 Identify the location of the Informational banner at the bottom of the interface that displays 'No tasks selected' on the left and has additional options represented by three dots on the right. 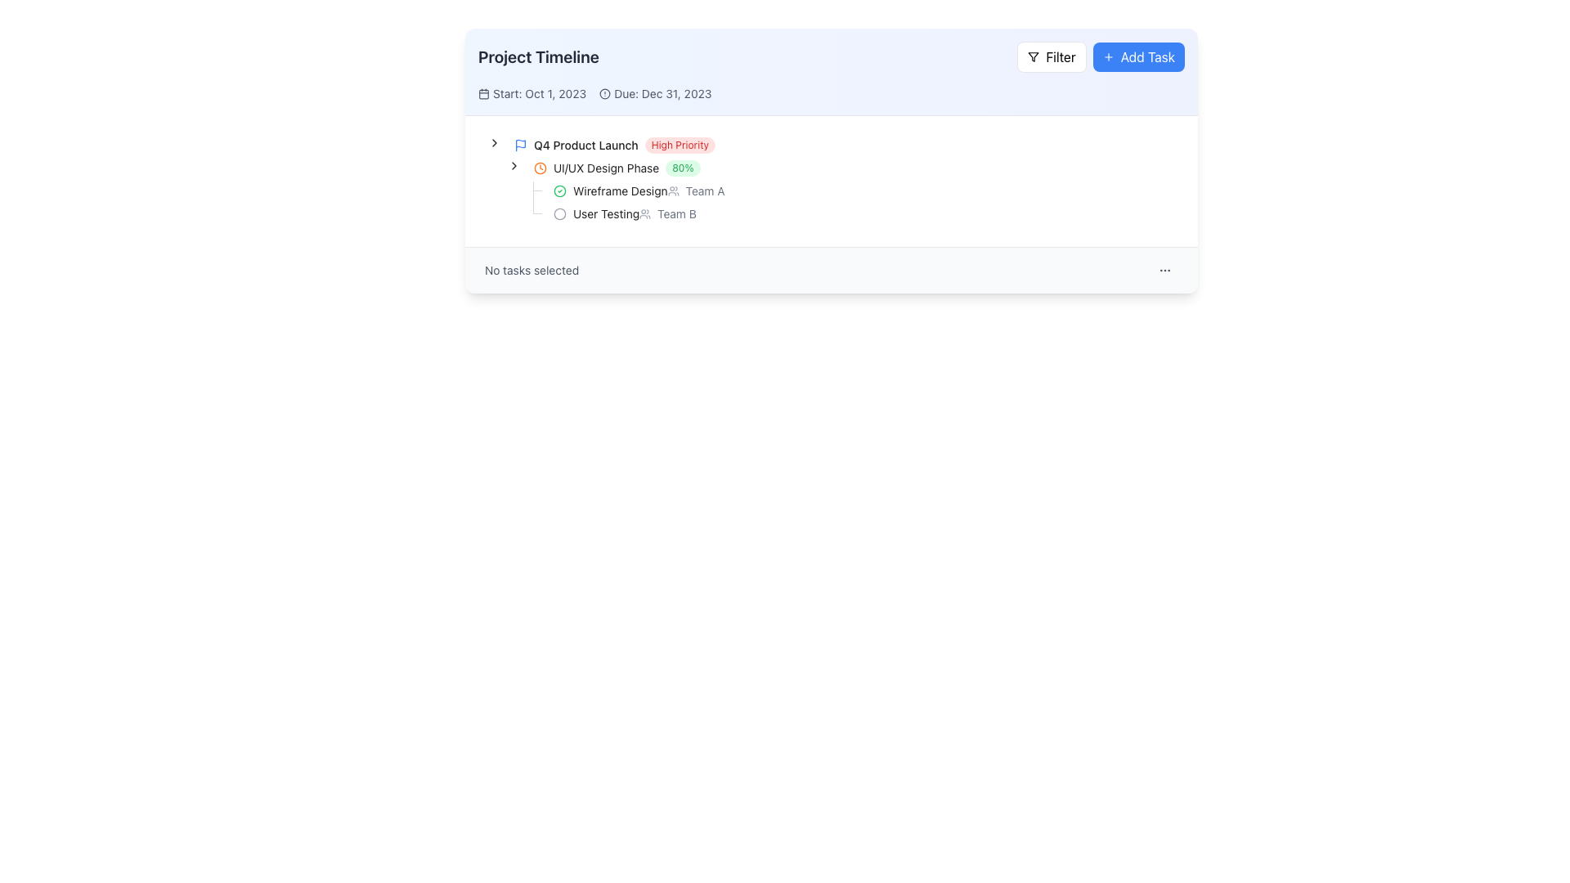
(832, 270).